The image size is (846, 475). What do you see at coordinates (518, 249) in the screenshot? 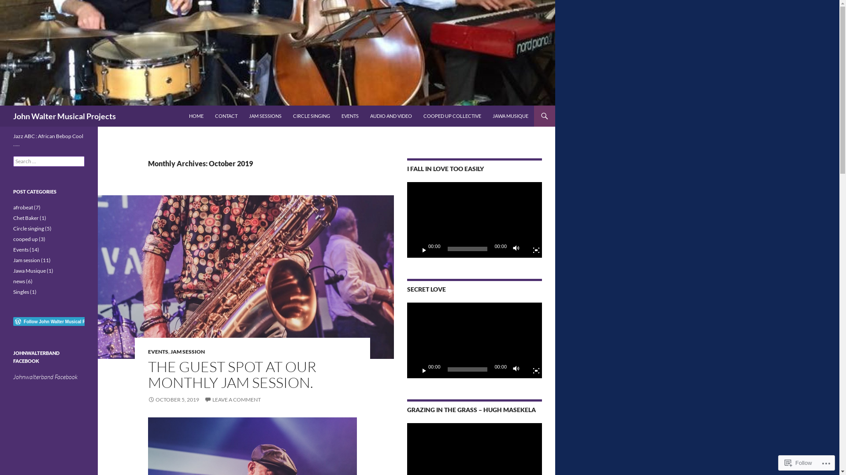
I see `'Mute'` at bounding box center [518, 249].